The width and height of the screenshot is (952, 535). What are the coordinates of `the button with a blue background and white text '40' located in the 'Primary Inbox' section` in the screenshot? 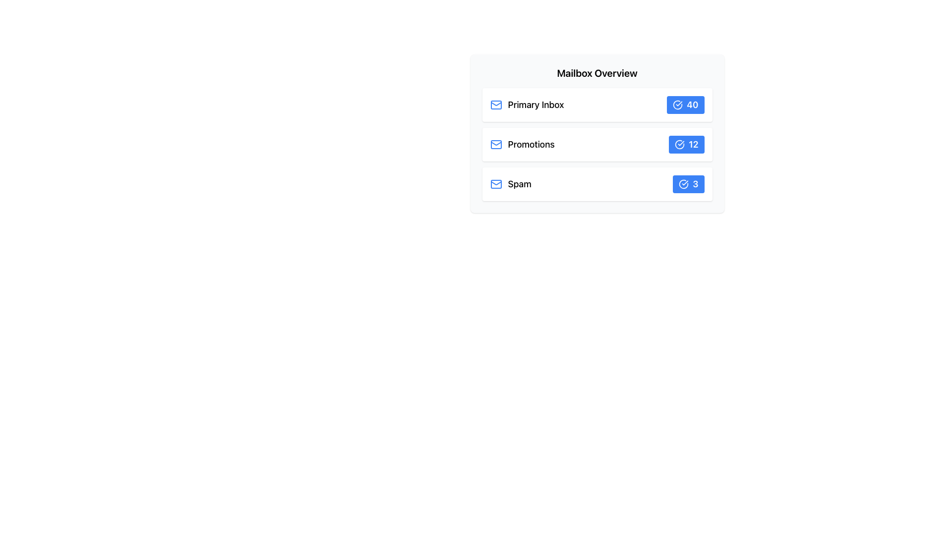 It's located at (685, 105).